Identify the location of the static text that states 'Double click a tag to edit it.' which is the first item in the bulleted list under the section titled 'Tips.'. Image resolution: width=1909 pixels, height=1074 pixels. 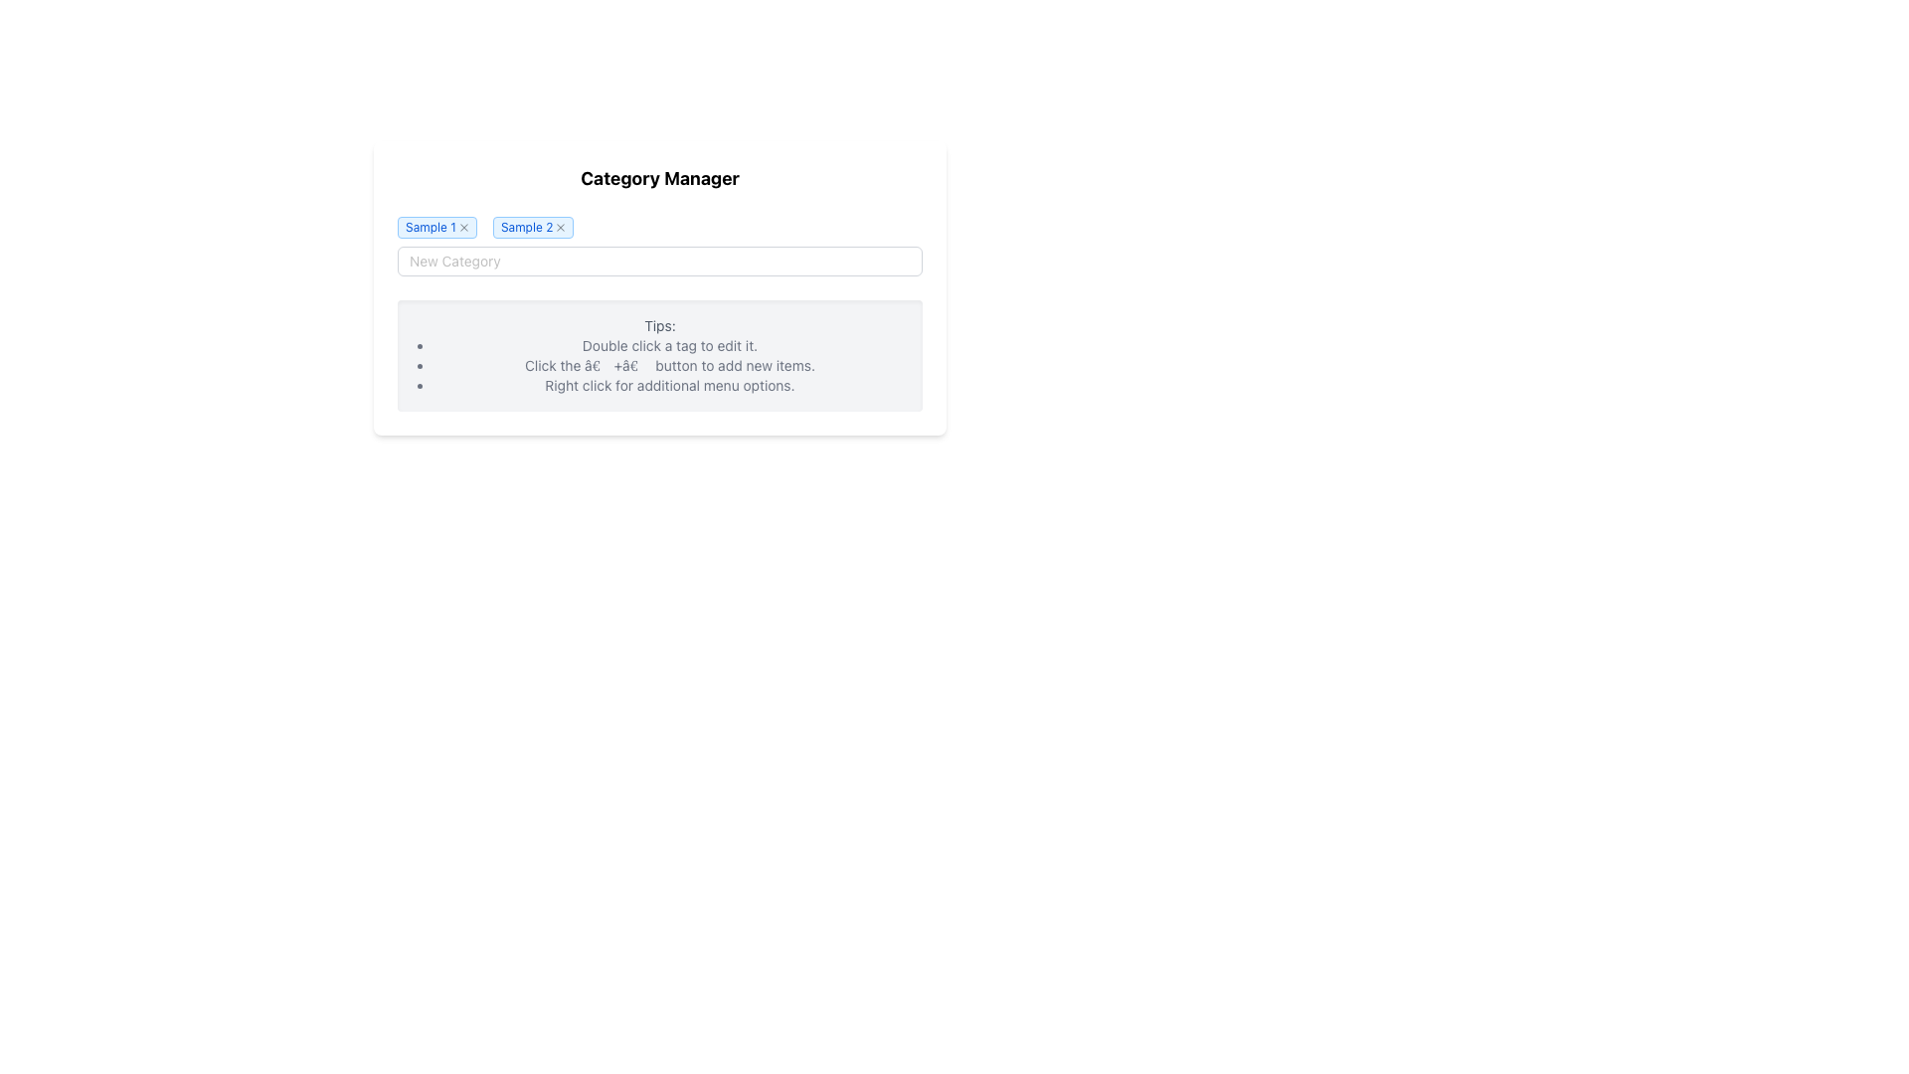
(669, 344).